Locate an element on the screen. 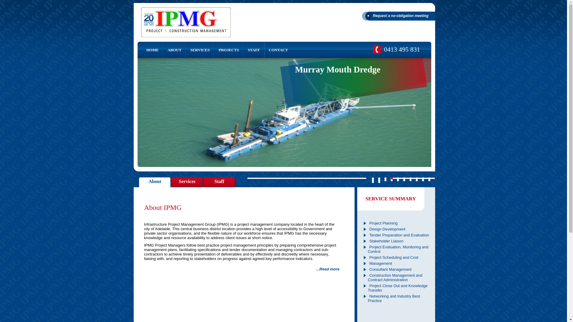 The height and width of the screenshot is (322, 573). '...Read more' is located at coordinates (316, 269).